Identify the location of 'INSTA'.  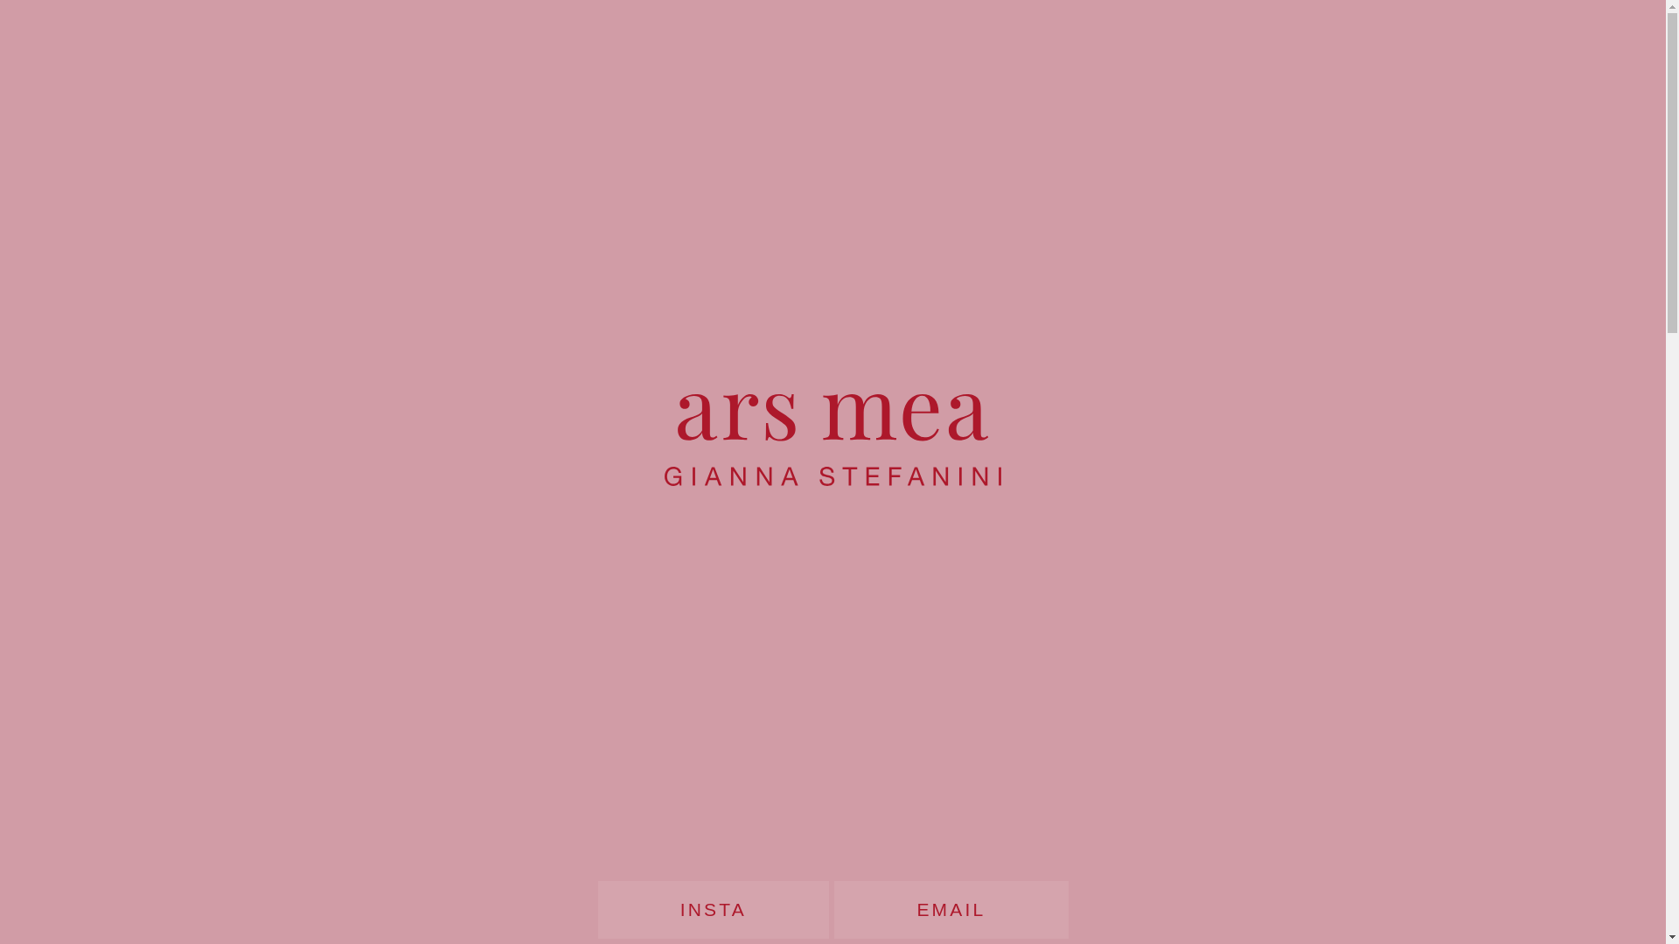
(714, 909).